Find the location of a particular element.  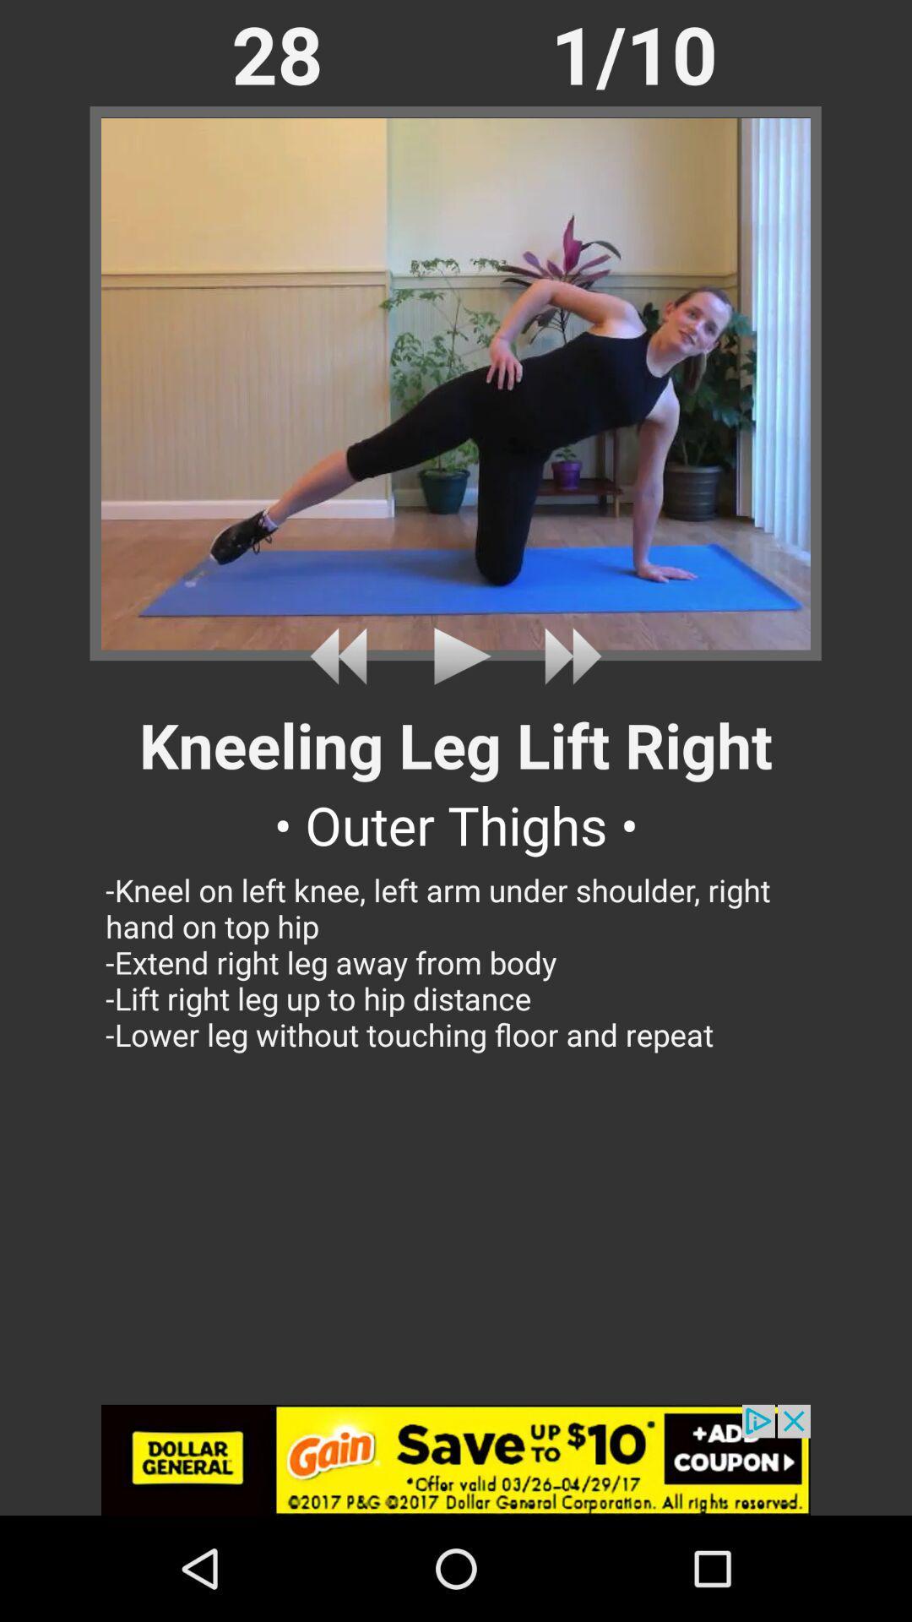

play is located at coordinates (567, 656).